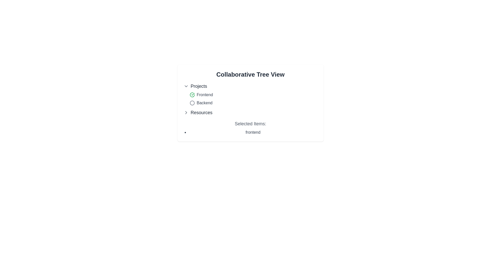 Image resolution: width=487 pixels, height=274 pixels. What do you see at coordinates (250, 132) in the screenshot?
I see `the list item labeled 'frontend' under the 'Selected Items:' section` at bounding box center [250, 132].